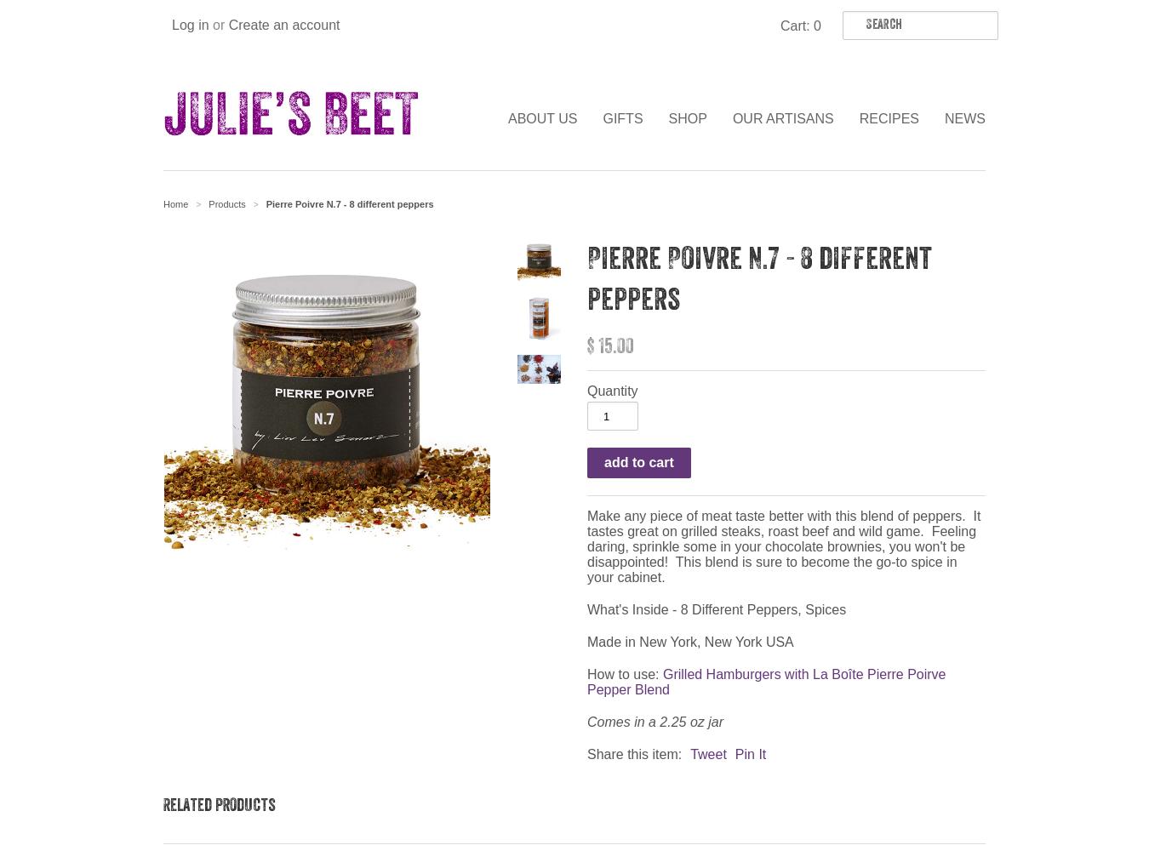 The image size is (1149, 851). I want to click on 'Tweet', so click(708, 754).